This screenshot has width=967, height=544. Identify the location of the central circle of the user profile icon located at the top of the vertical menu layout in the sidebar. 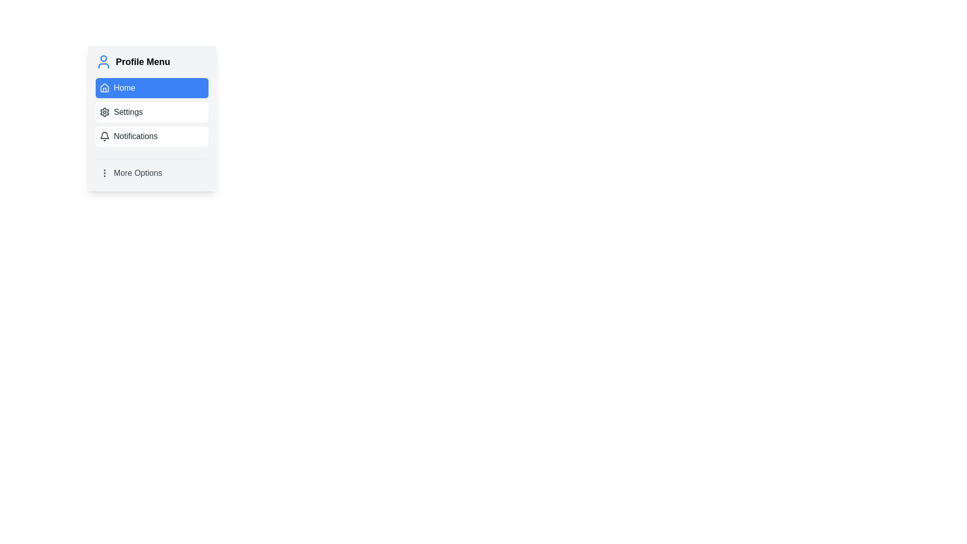
(104, 58).